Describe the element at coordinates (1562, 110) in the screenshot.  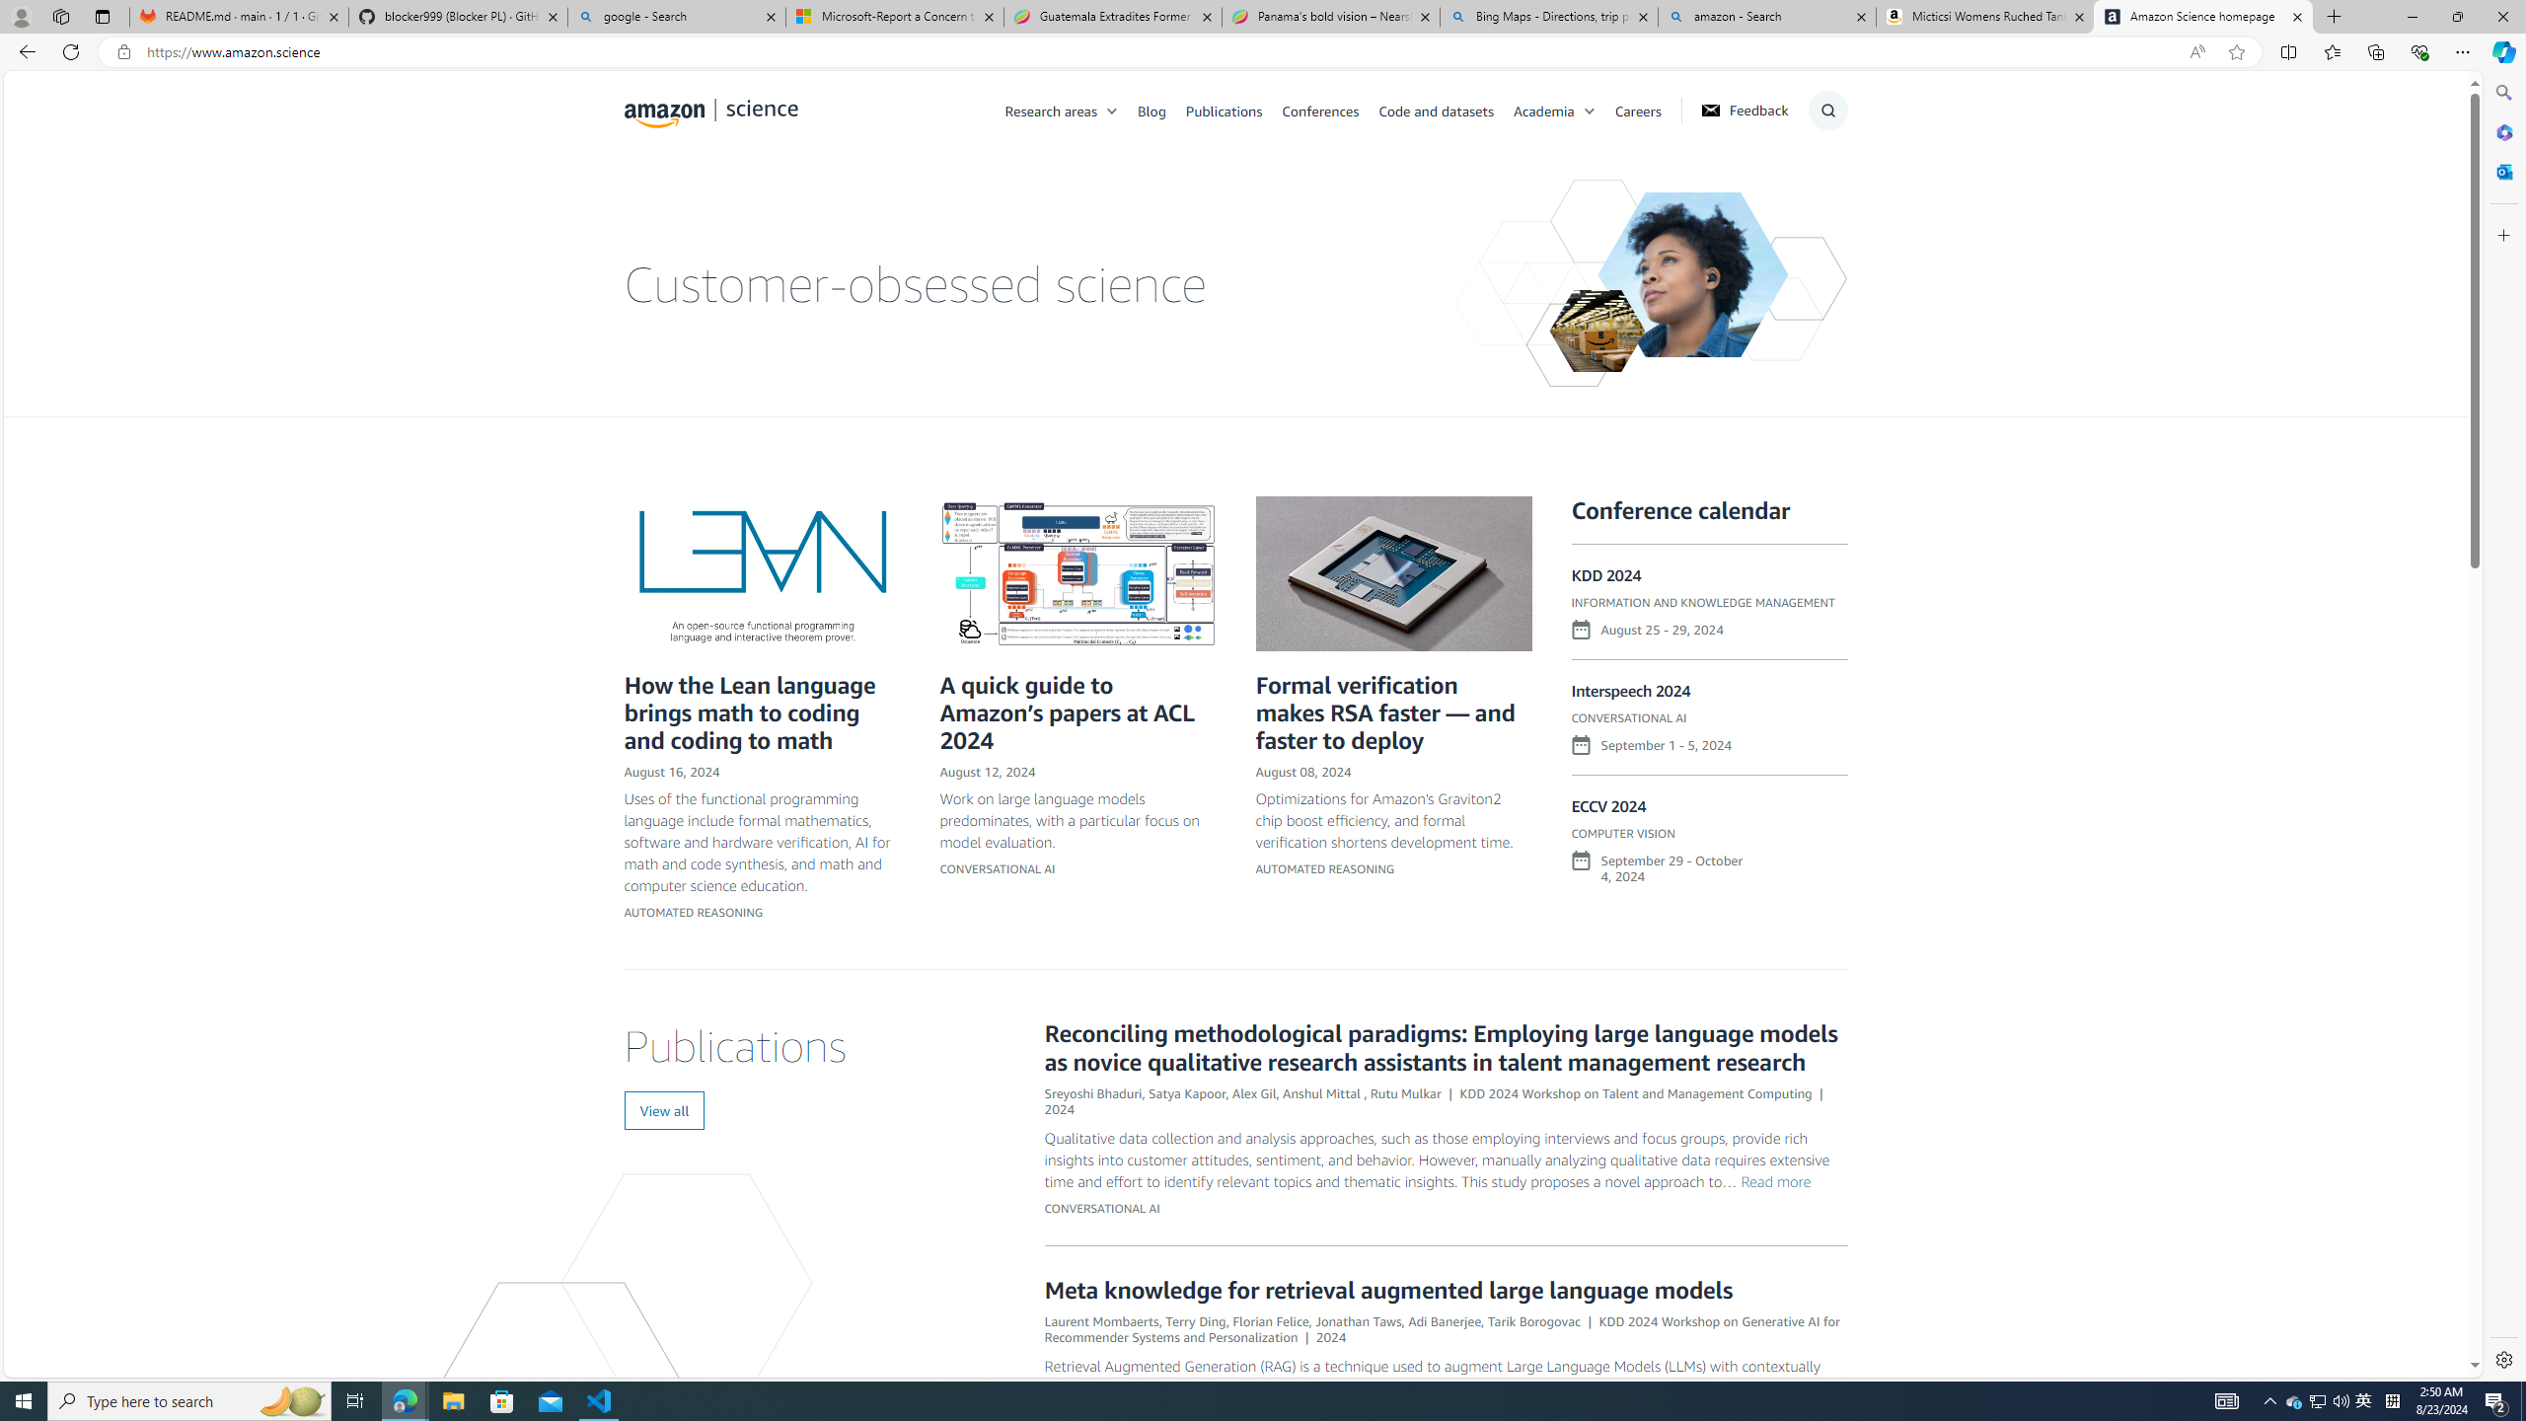
I see `'Academia'` at that location.